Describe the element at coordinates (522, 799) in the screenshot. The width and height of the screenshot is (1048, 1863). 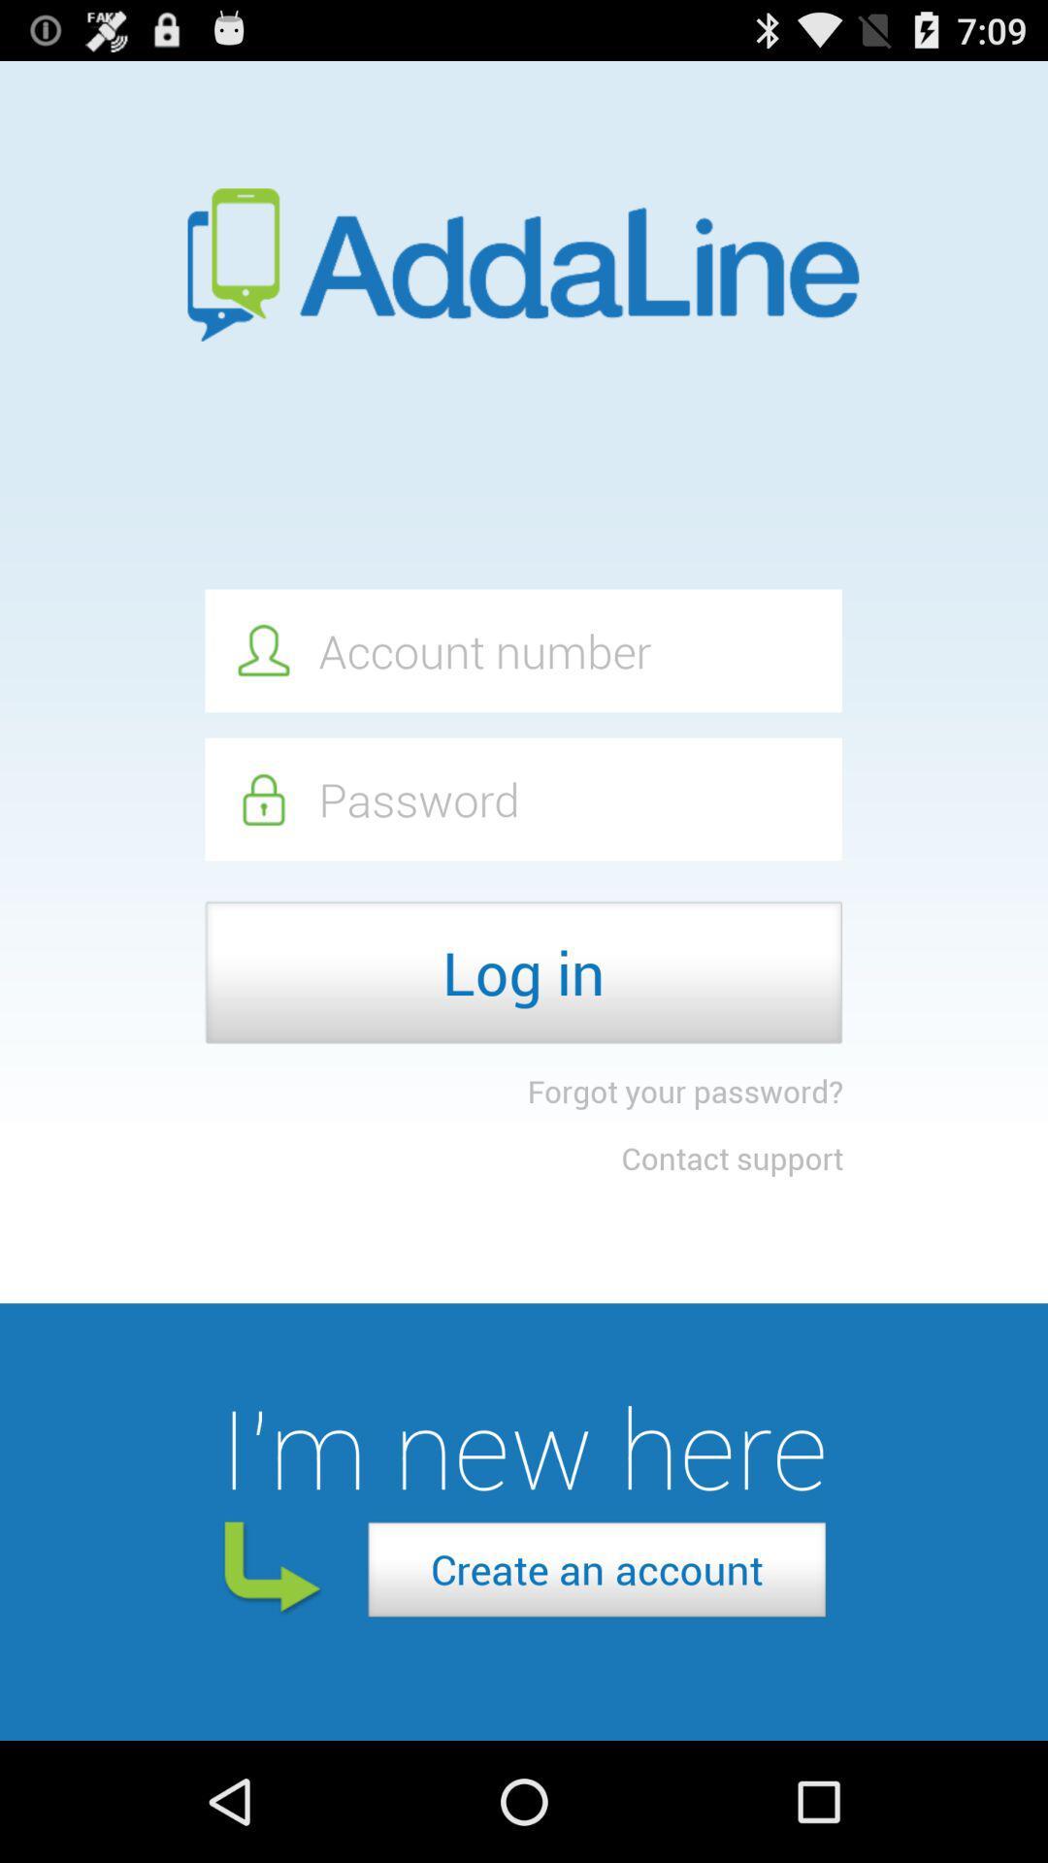
I see `type in password` at that location.